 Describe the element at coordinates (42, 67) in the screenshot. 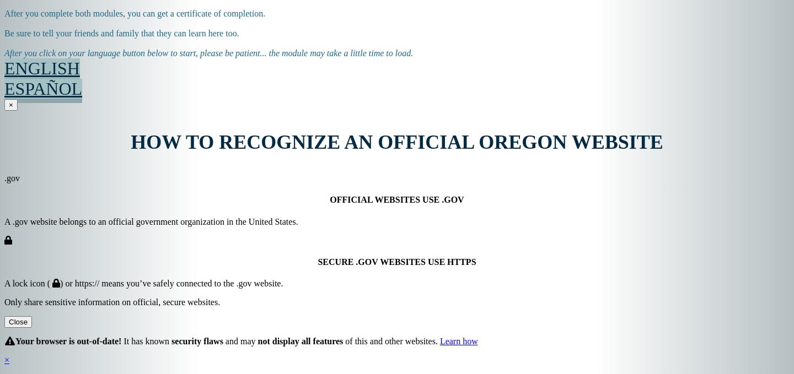

I see `'ENGLISH'` at that location.